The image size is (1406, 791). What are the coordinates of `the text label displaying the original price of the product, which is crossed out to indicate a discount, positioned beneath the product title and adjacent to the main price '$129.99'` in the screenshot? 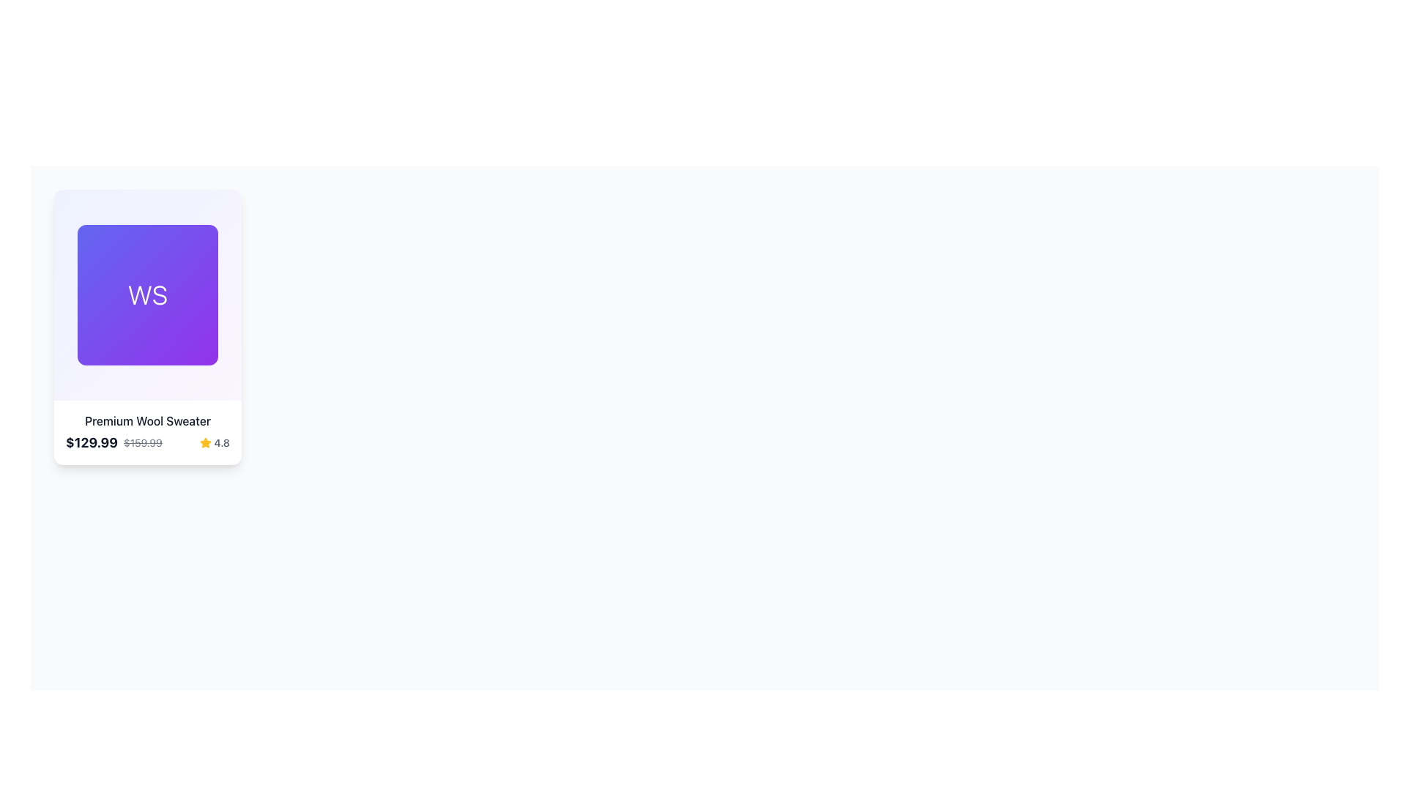 It's located at (143, 442).